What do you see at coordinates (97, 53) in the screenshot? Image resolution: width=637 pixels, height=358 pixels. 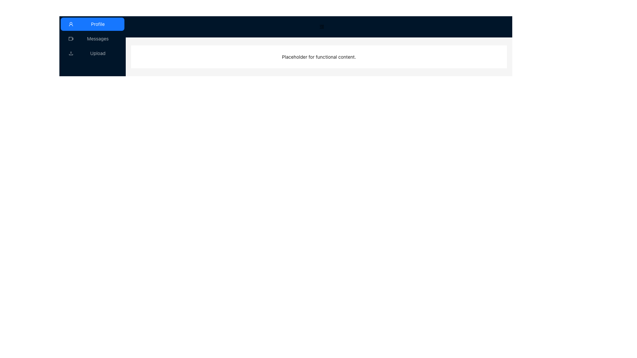 I see `text label that says 'Upload', which is the third menu item in the vertical navigation bar on the left side of the interface, positioned between the 'Messages' item above and other items below` at bounding box center [97, 53].